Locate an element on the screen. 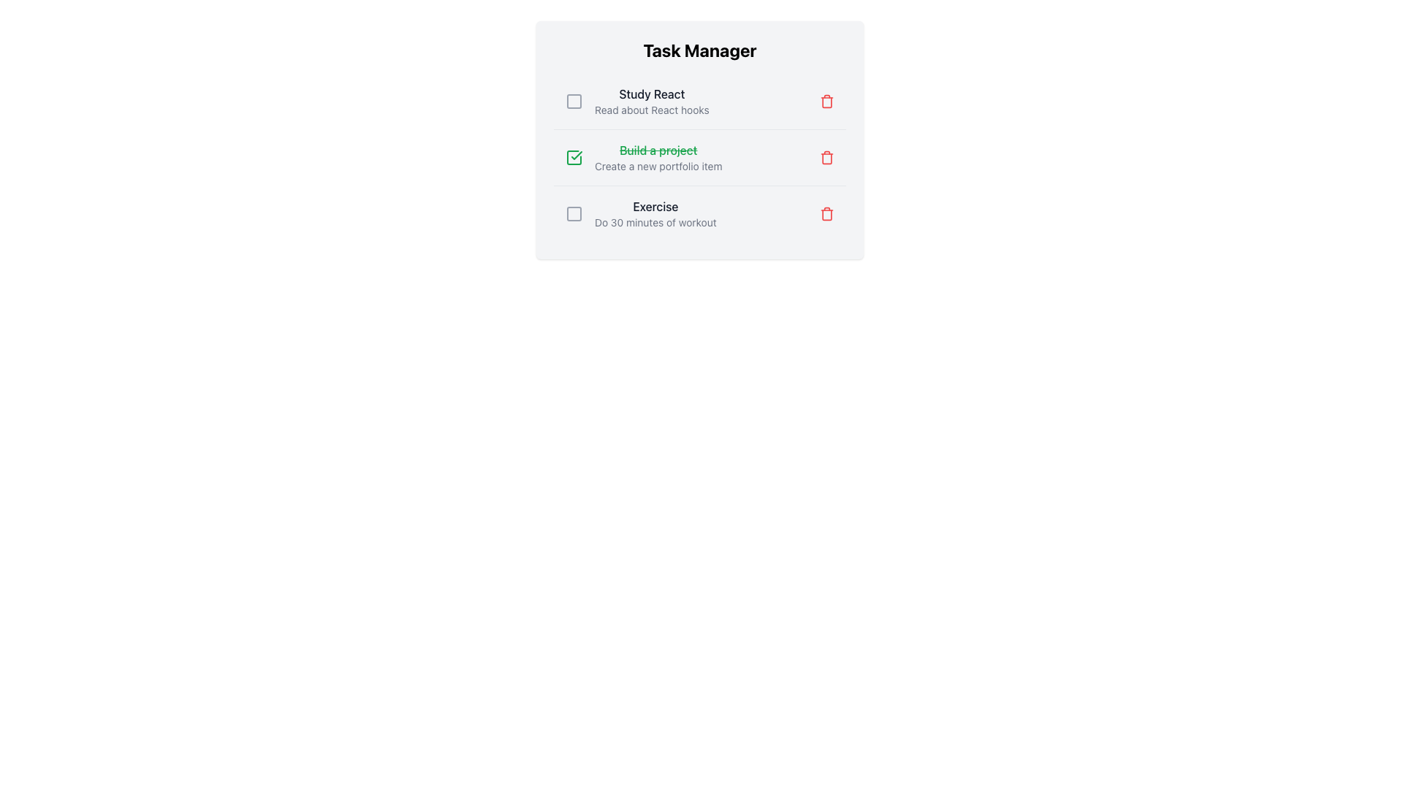  the text label indicating a completed task in the task management system, which displays the status of the task and is located in the middle row of the task list section is located at coordinates (658, 150).